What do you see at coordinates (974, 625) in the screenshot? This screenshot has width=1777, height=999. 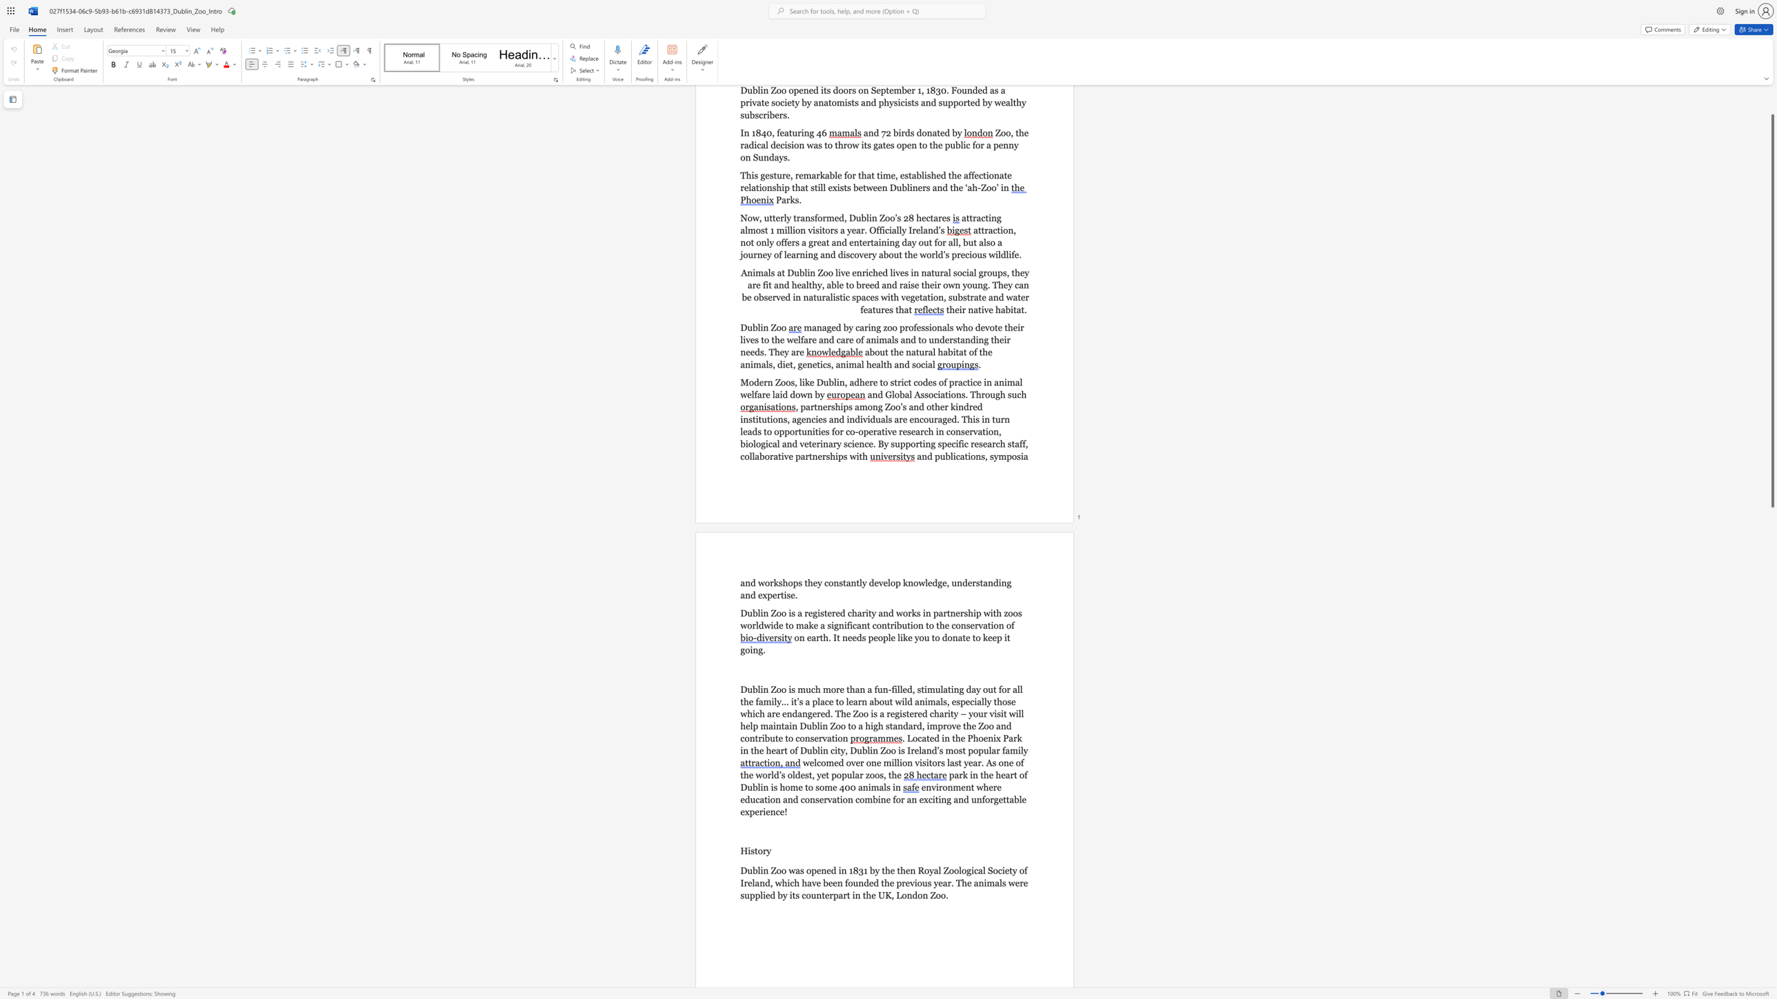 I see `the subset text "rvatio" within the text "Dublin Zoo is a registered charity and works in partnership with zoos worldwide to make a significant contribution to the conservation of"` at bounding box center [974, 625].